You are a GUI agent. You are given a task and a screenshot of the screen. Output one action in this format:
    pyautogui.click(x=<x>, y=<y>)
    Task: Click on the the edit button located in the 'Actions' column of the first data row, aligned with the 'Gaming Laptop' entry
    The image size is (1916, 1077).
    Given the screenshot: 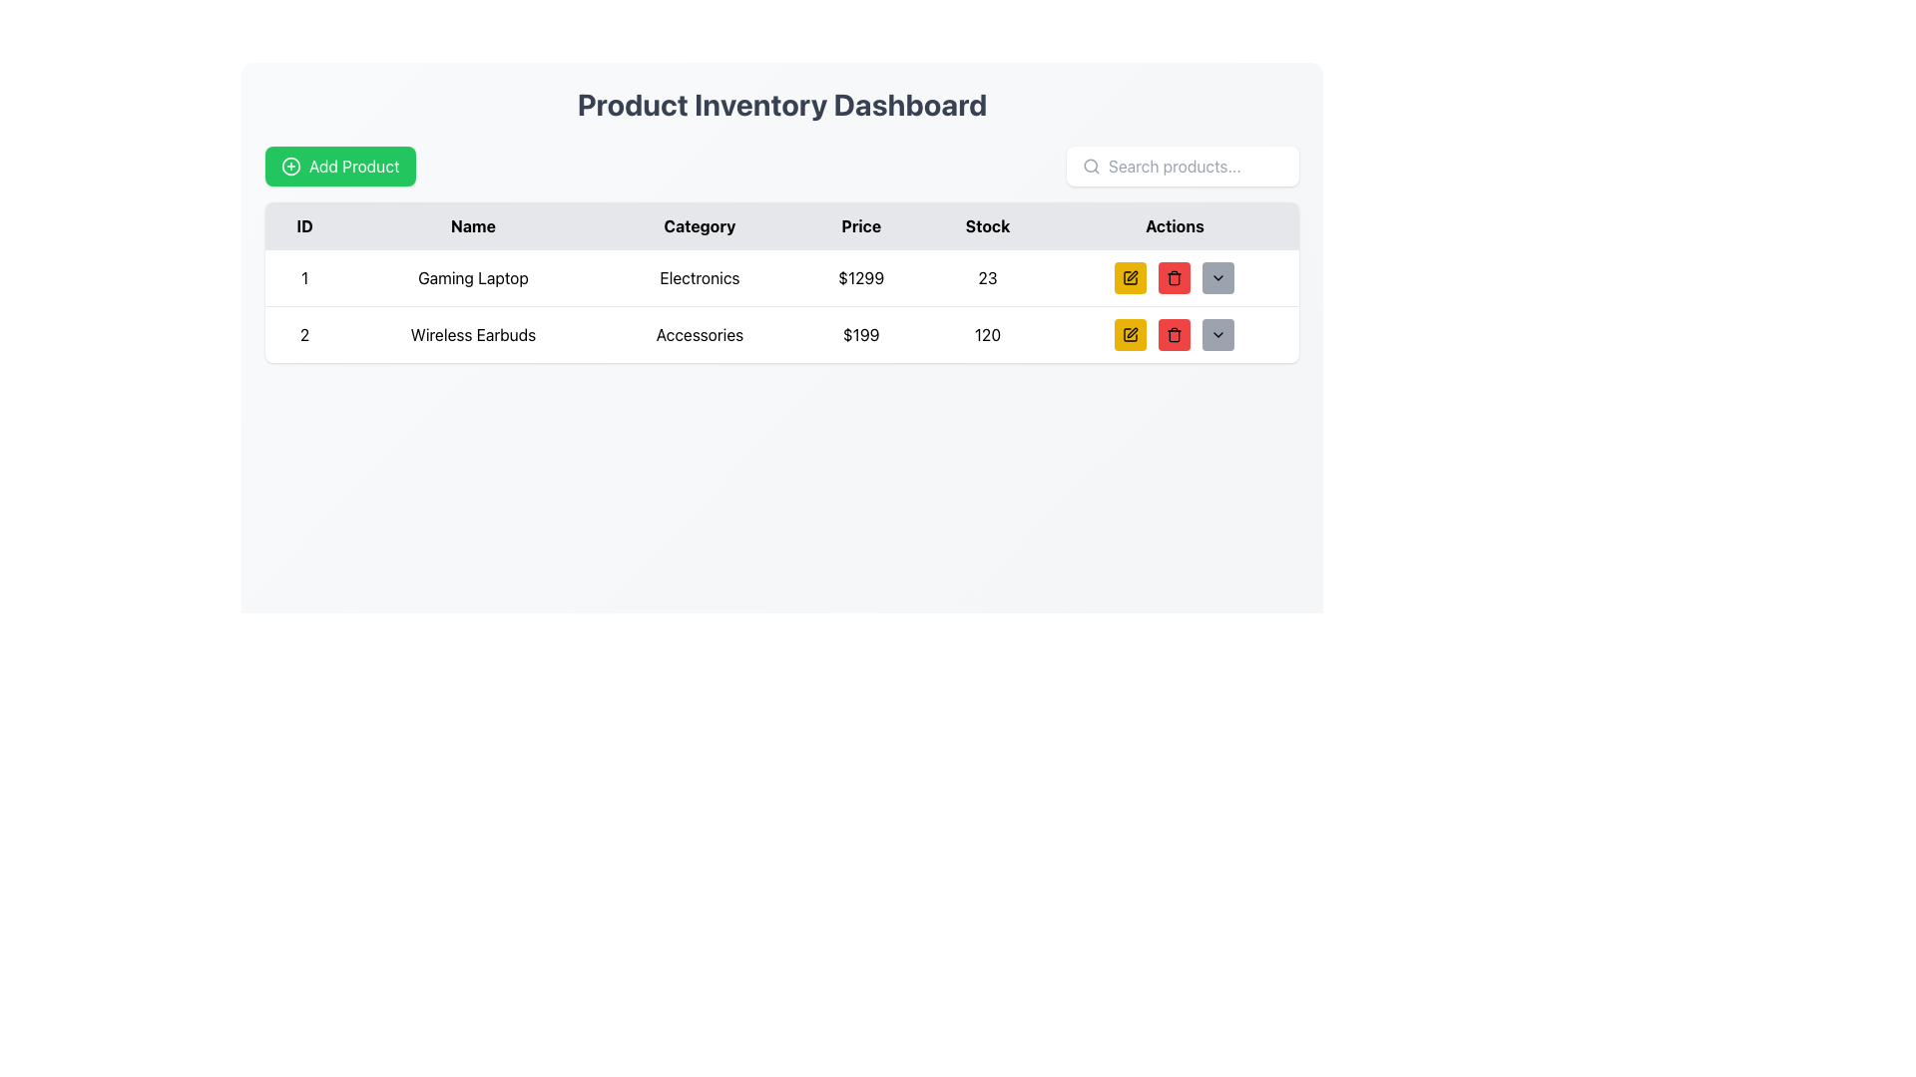 What is the action you would take?
    pyautogui.click(x=1131, y=277)
    